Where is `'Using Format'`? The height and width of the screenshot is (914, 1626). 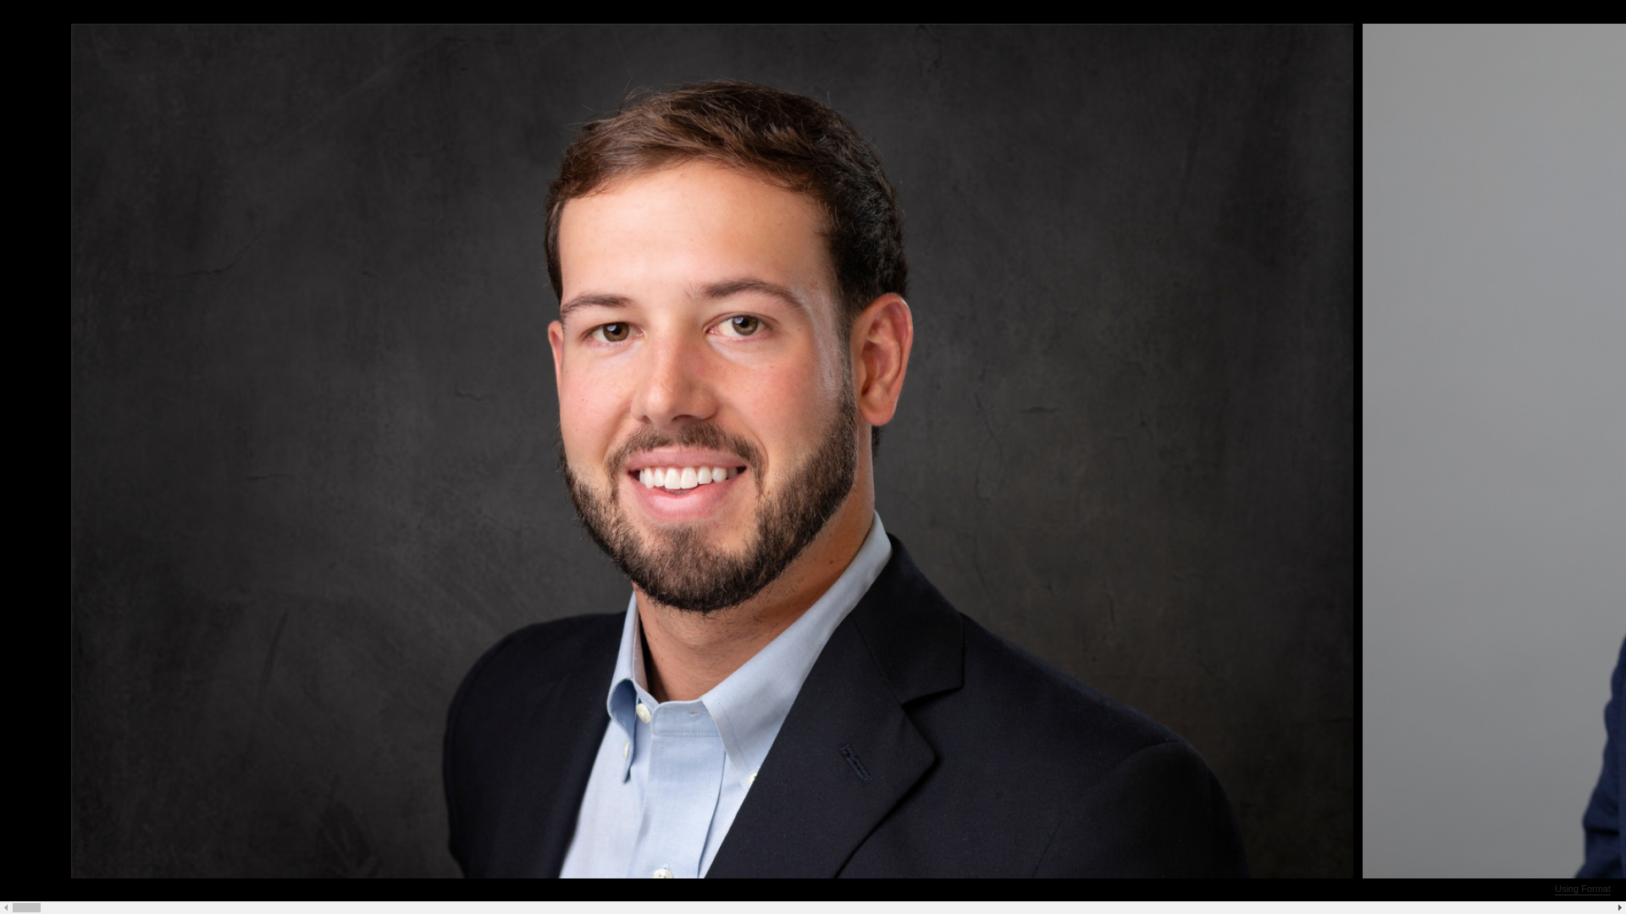
'Using Format' is located at coordinates (1581, 888).